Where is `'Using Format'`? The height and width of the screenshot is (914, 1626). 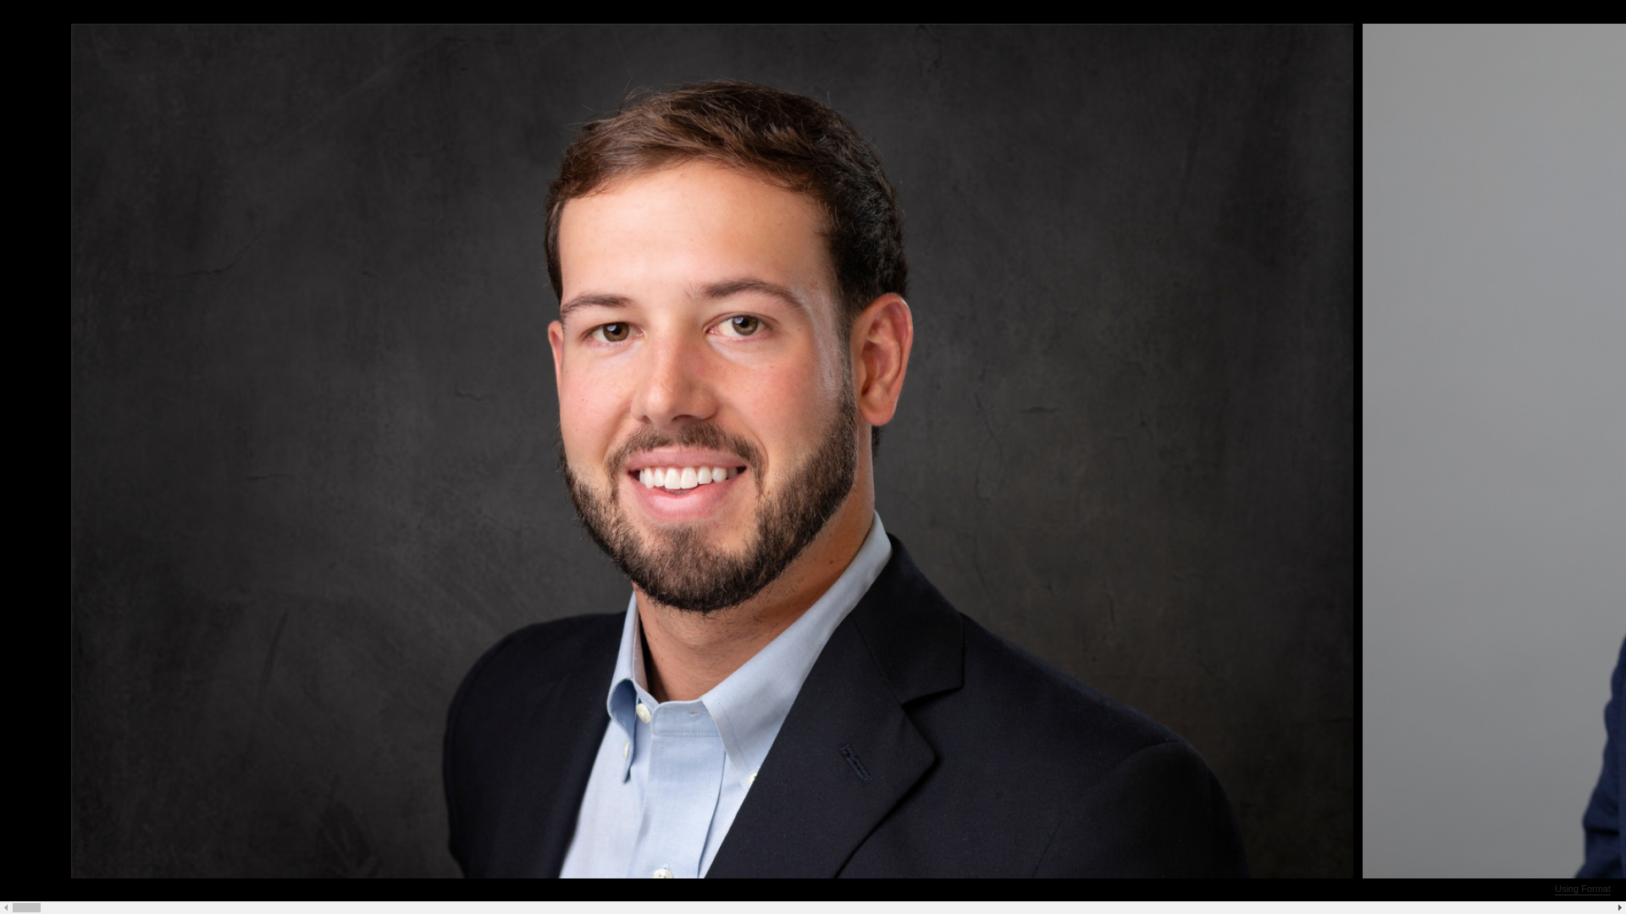
'Using Format' is located at coordinates (1581, 888).